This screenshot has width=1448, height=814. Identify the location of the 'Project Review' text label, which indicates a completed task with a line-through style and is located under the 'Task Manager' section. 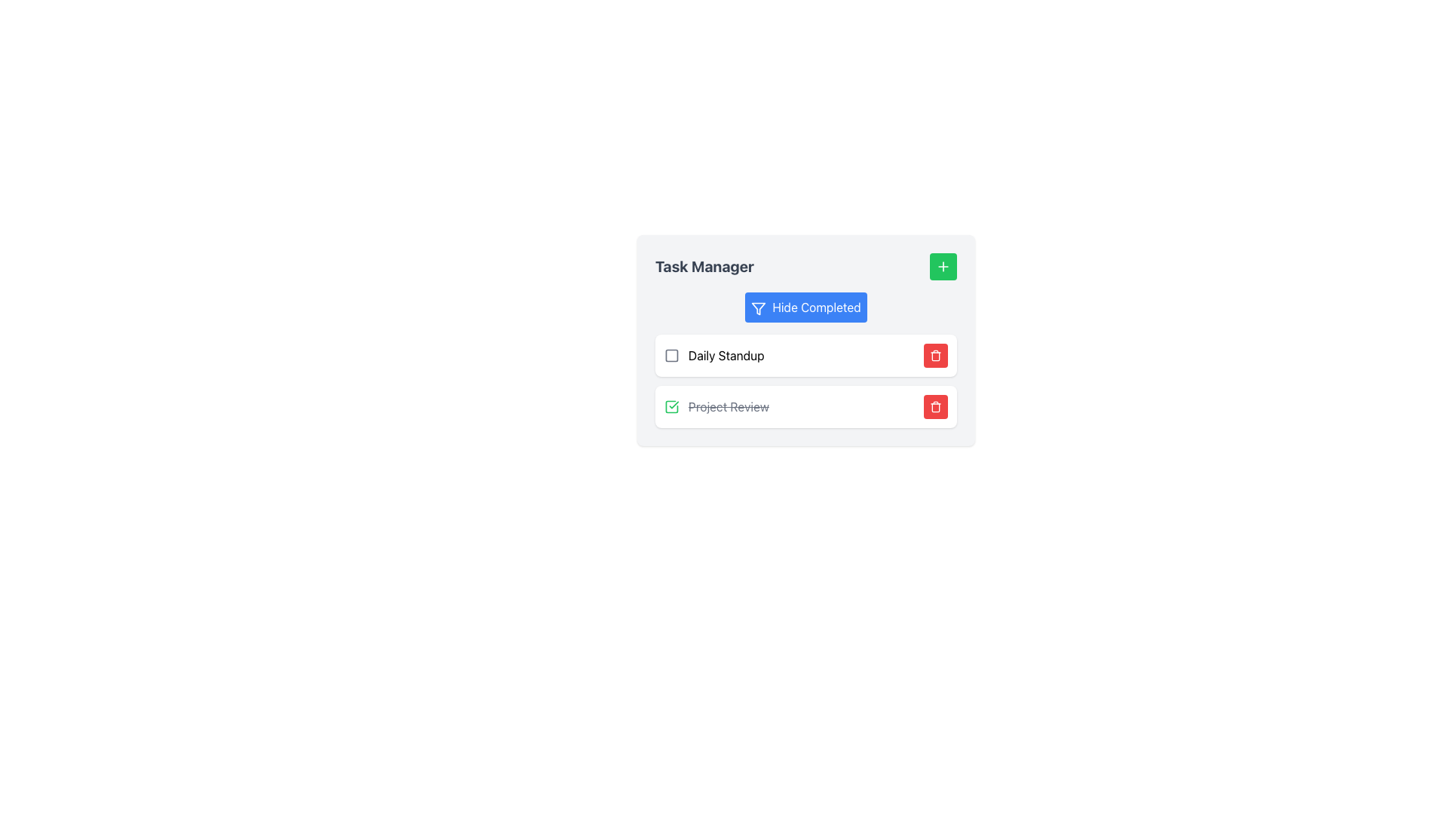
(729, 407).